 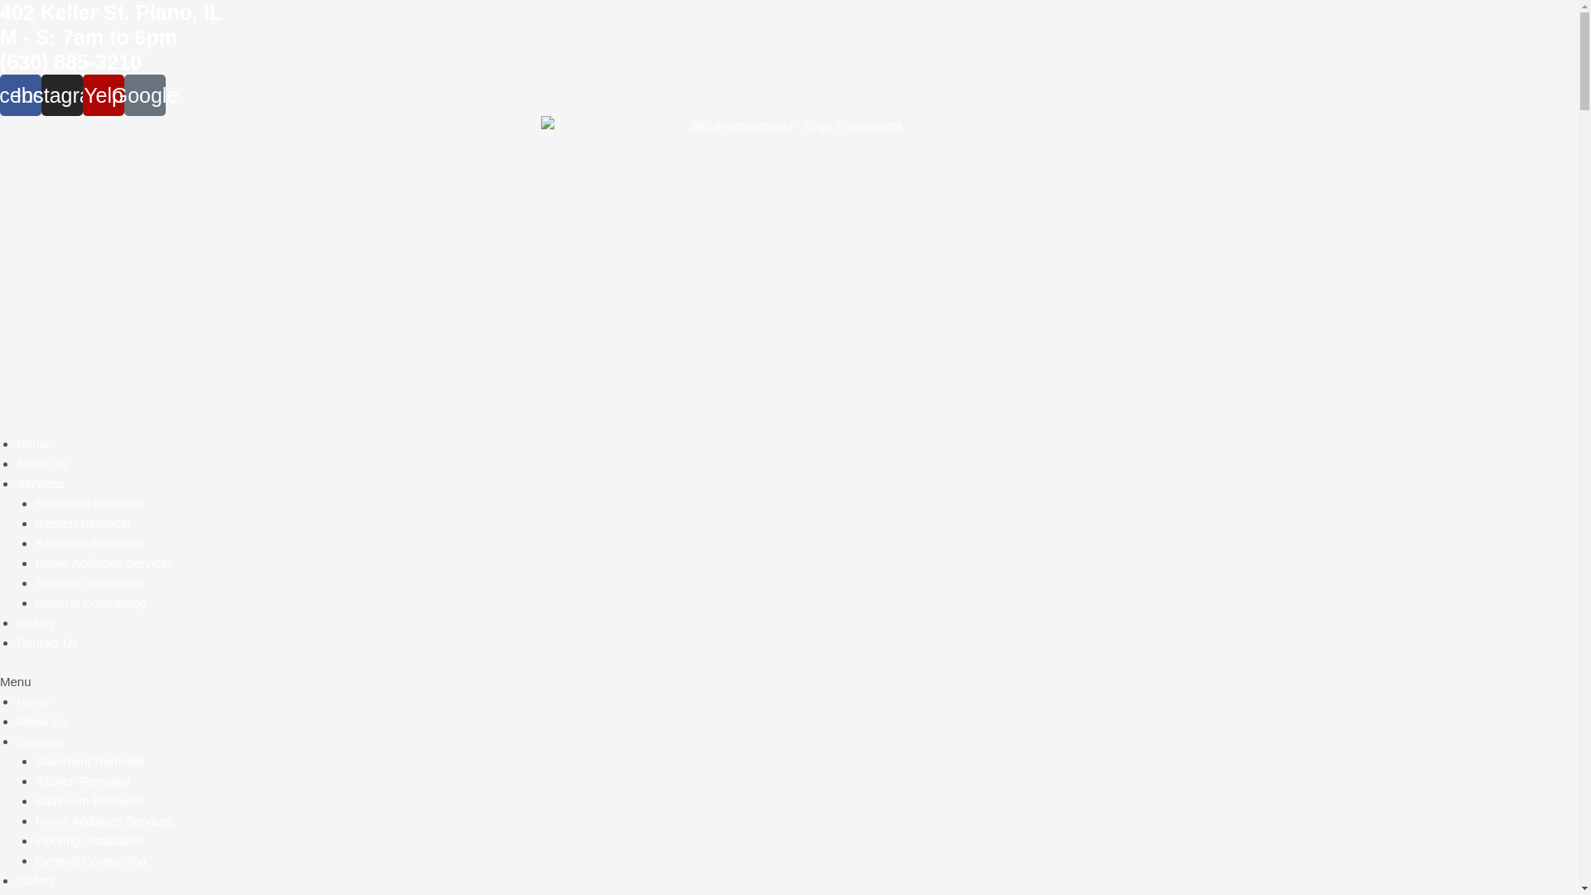 What do you see at coordinates (88, 502) in the screenshot?
I see `'Basement Remodel'` at bounding box center [88, 502].